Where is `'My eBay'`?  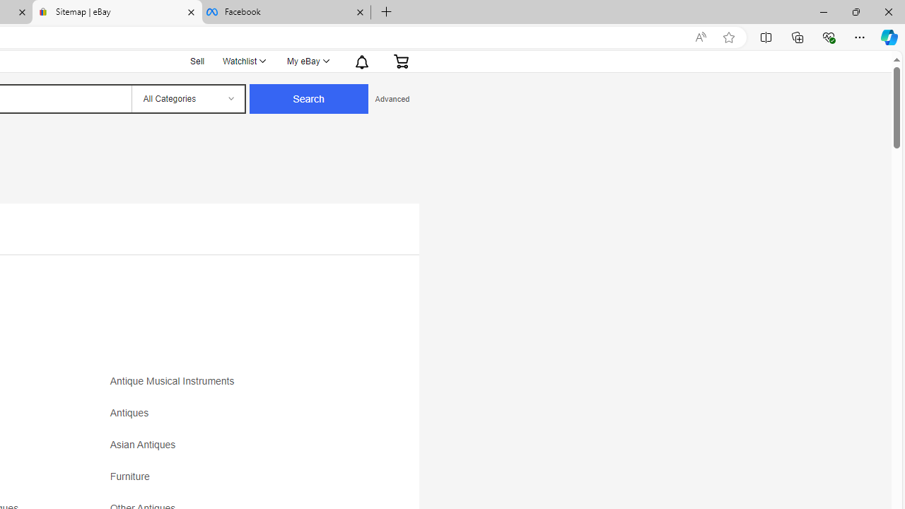 'My eBay' is located at coordinates (307, 61).